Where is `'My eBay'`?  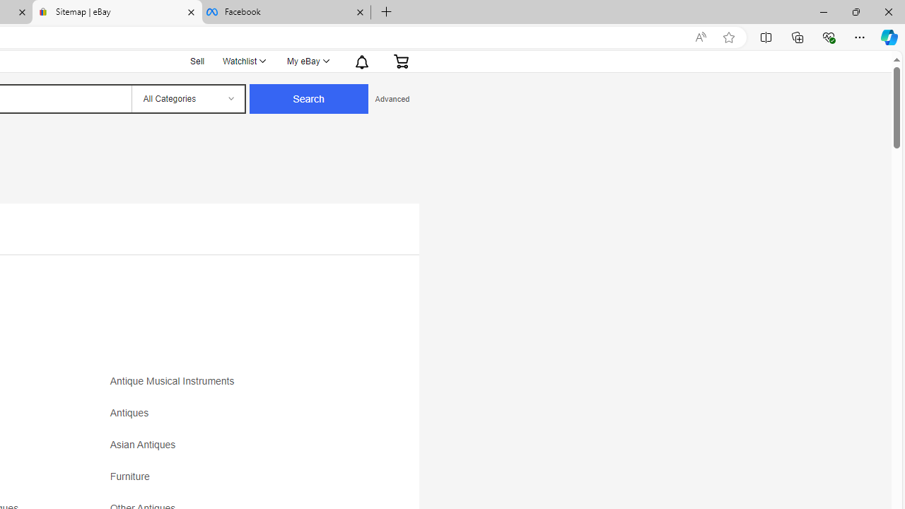 'My eBay' is located at coordinates (307, 61).